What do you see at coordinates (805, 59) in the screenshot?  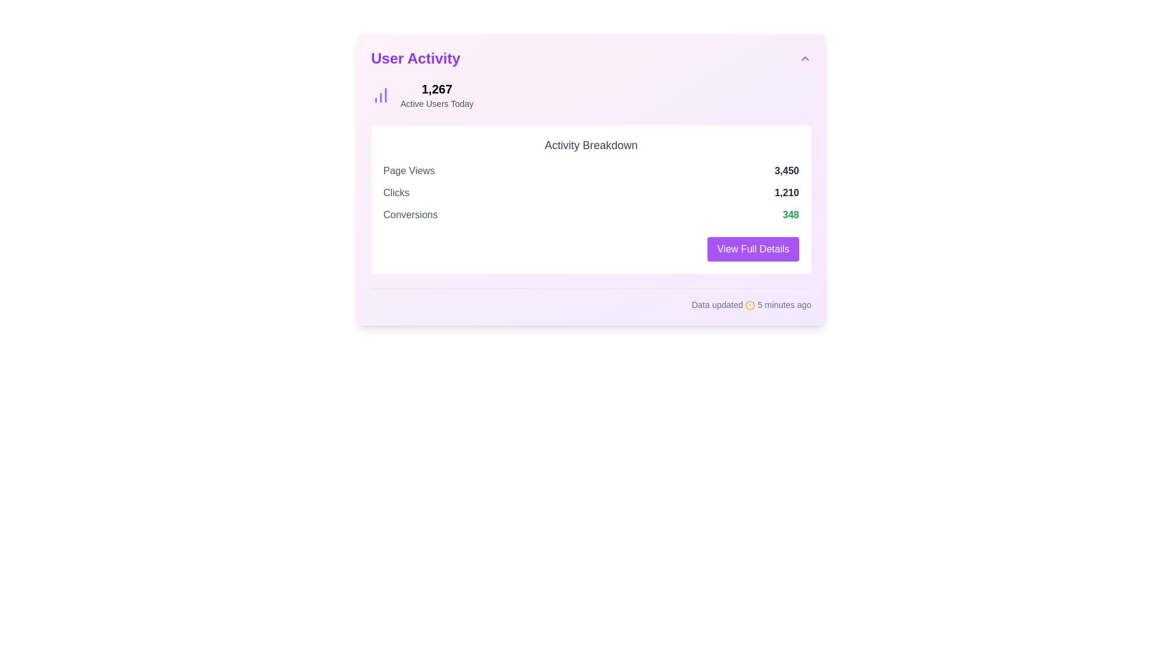 I see `the toggle button located at the top-right corner of the 'User Activity' section` at bounding box center [805, 59].